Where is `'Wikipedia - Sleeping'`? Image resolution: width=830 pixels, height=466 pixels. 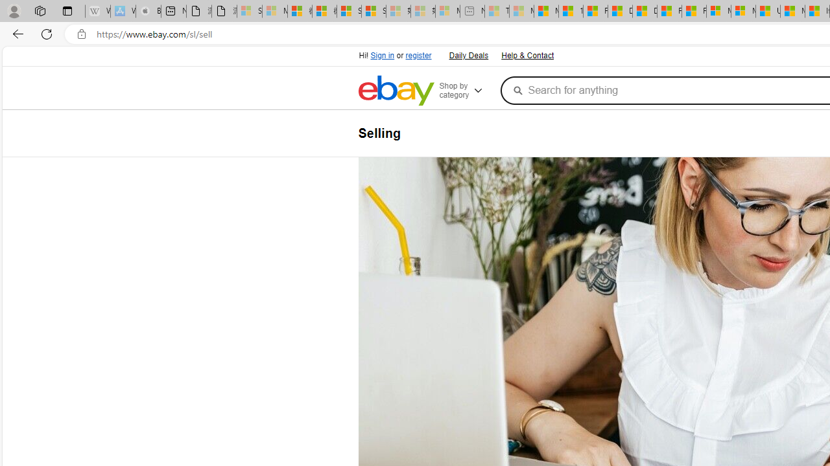
'Wikipedia - Sleeping' is located at coordinates (97, 11).